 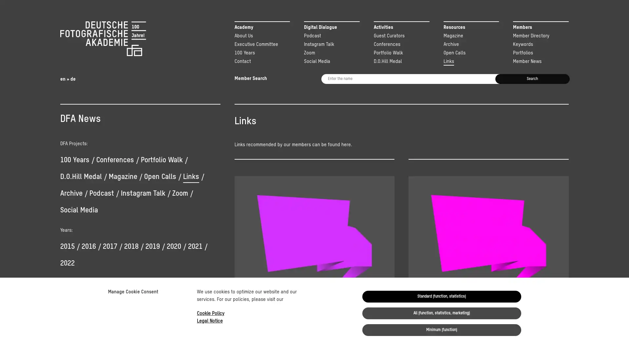 What do you see at coordinates (67, 263) in the screenshot?
I see `2022` at bounding box center [67, 263].